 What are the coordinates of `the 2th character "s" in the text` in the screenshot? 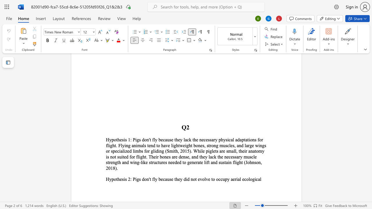 It's located at (209, 140).